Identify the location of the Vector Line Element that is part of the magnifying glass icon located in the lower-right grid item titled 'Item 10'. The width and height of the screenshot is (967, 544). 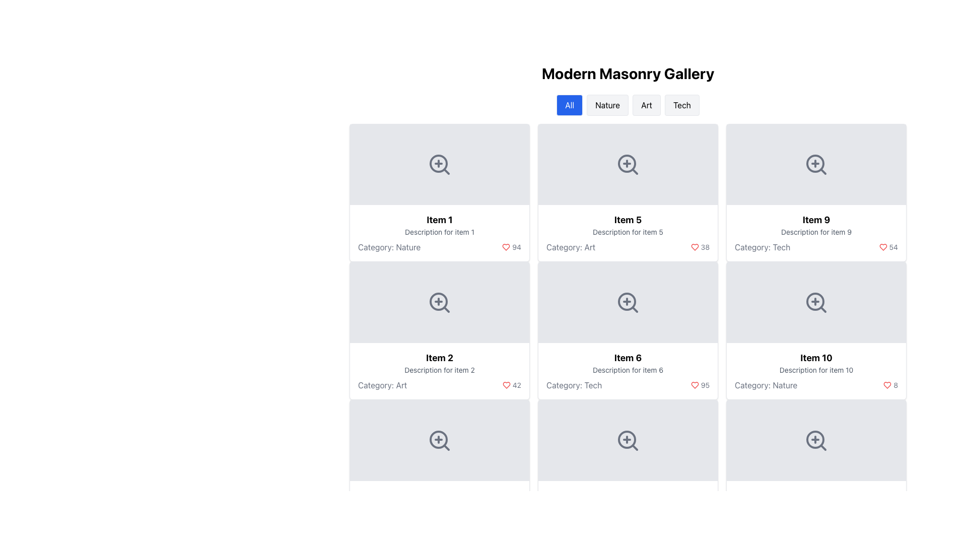
(823, 309).